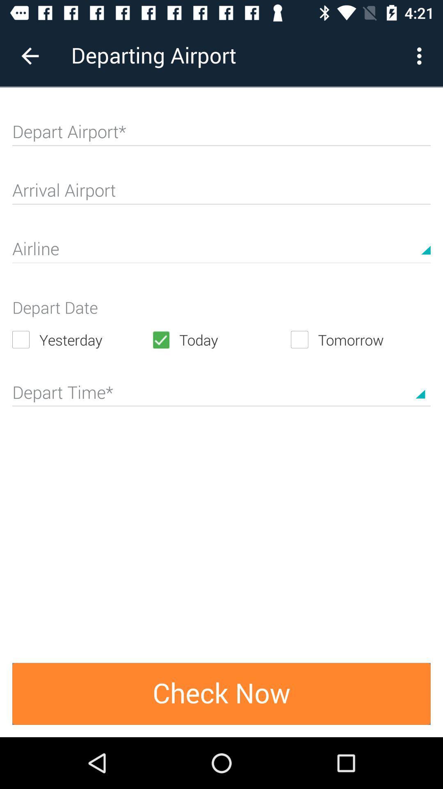 This screenshot has height=789, width=443. What do you see at coordinates (360, 339) in the screenshot?
I see `tomorrow item` at bounding box center [360, 339].